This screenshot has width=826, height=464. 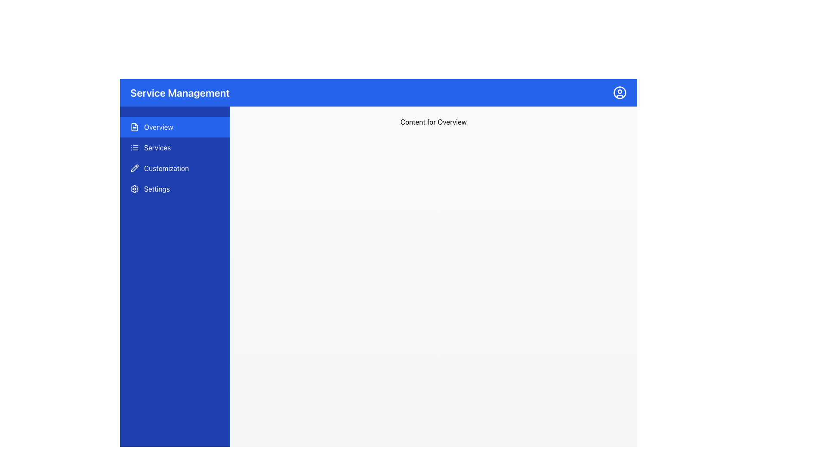 I want to click on the third item in the vertical navigation menu located in the left sidebar, so click(x=175, y=168).